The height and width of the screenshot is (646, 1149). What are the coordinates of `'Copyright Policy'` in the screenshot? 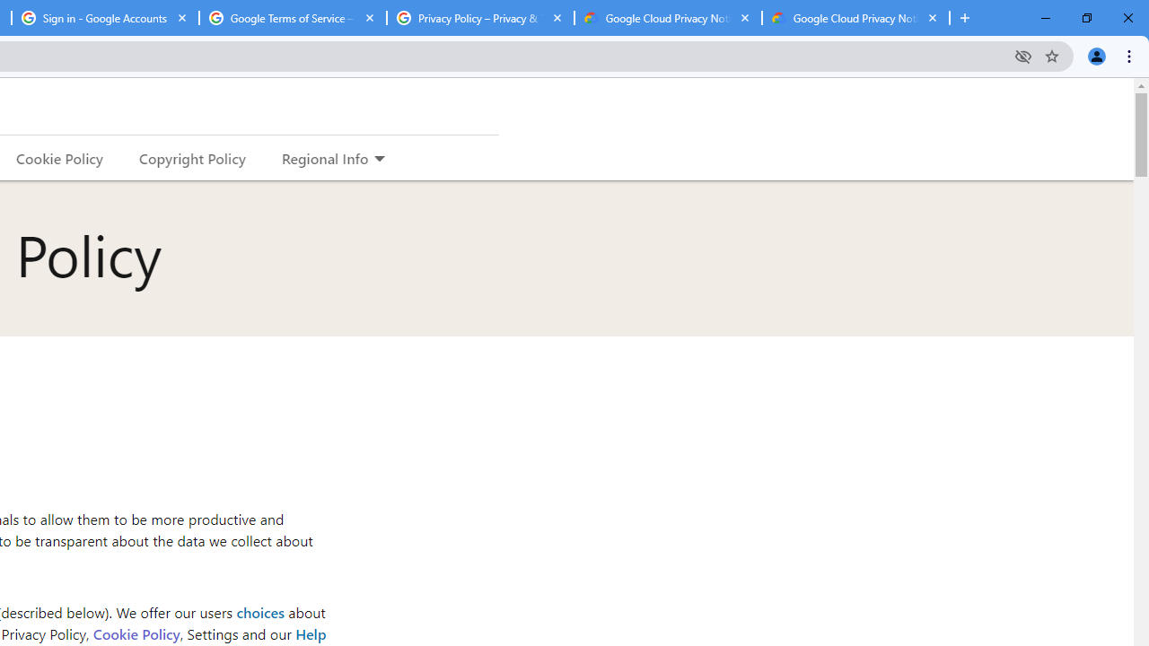 It's located at (191, 157).